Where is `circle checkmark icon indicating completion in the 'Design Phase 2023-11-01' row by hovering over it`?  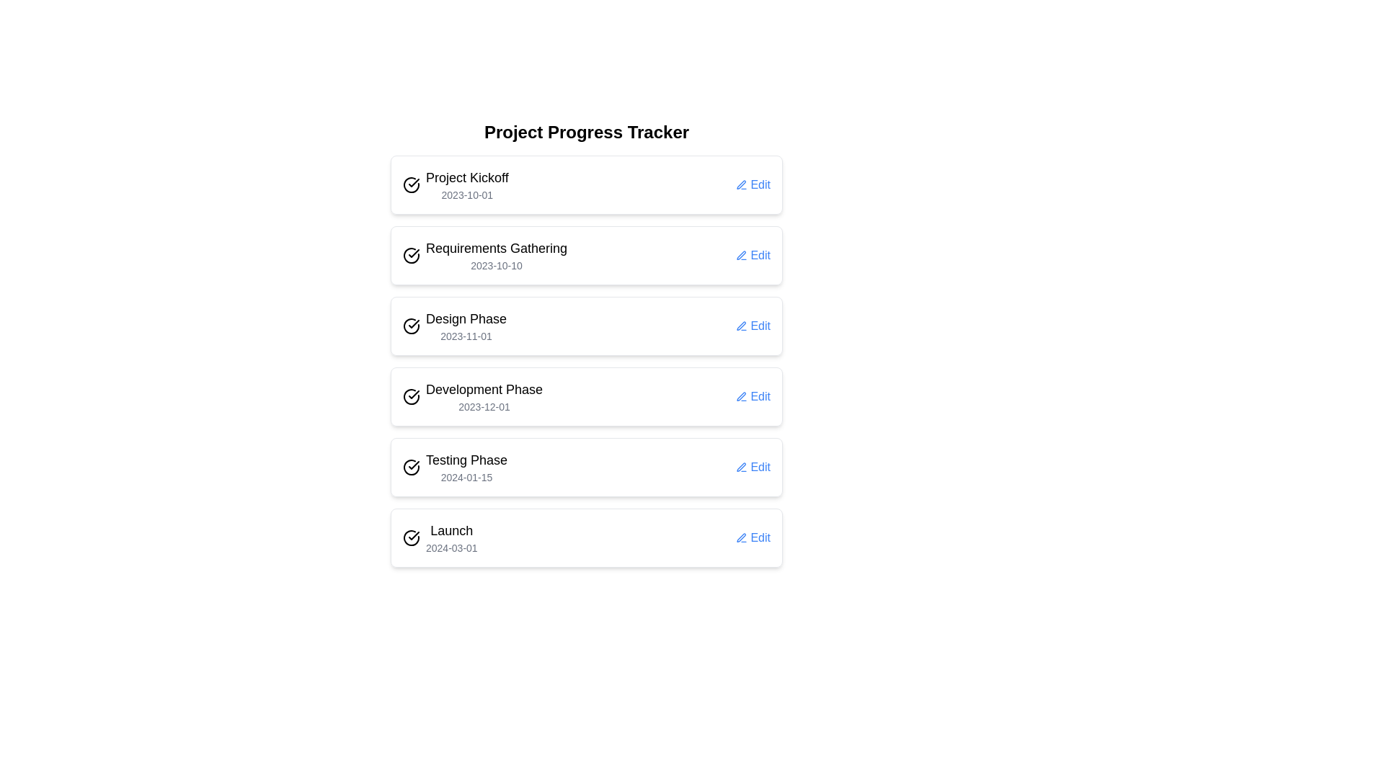 circle checkmark icon indicating completion in the 'Design Phase 2023-11-01' row by hovering over it is located at coordinates (411, 326).